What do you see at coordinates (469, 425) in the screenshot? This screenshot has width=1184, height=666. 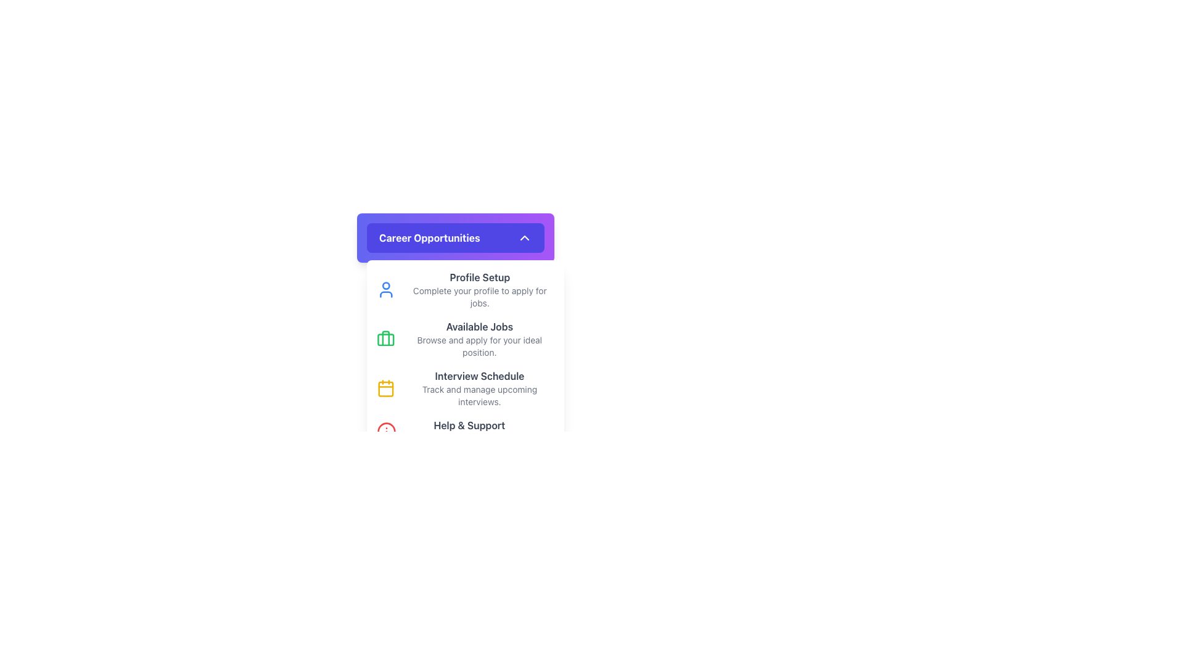 I see `the 'Help & Support' static text label, which is displayed in bold gray font and is the last item in the Career Opportunities menu` at bounding box center [469, 425].